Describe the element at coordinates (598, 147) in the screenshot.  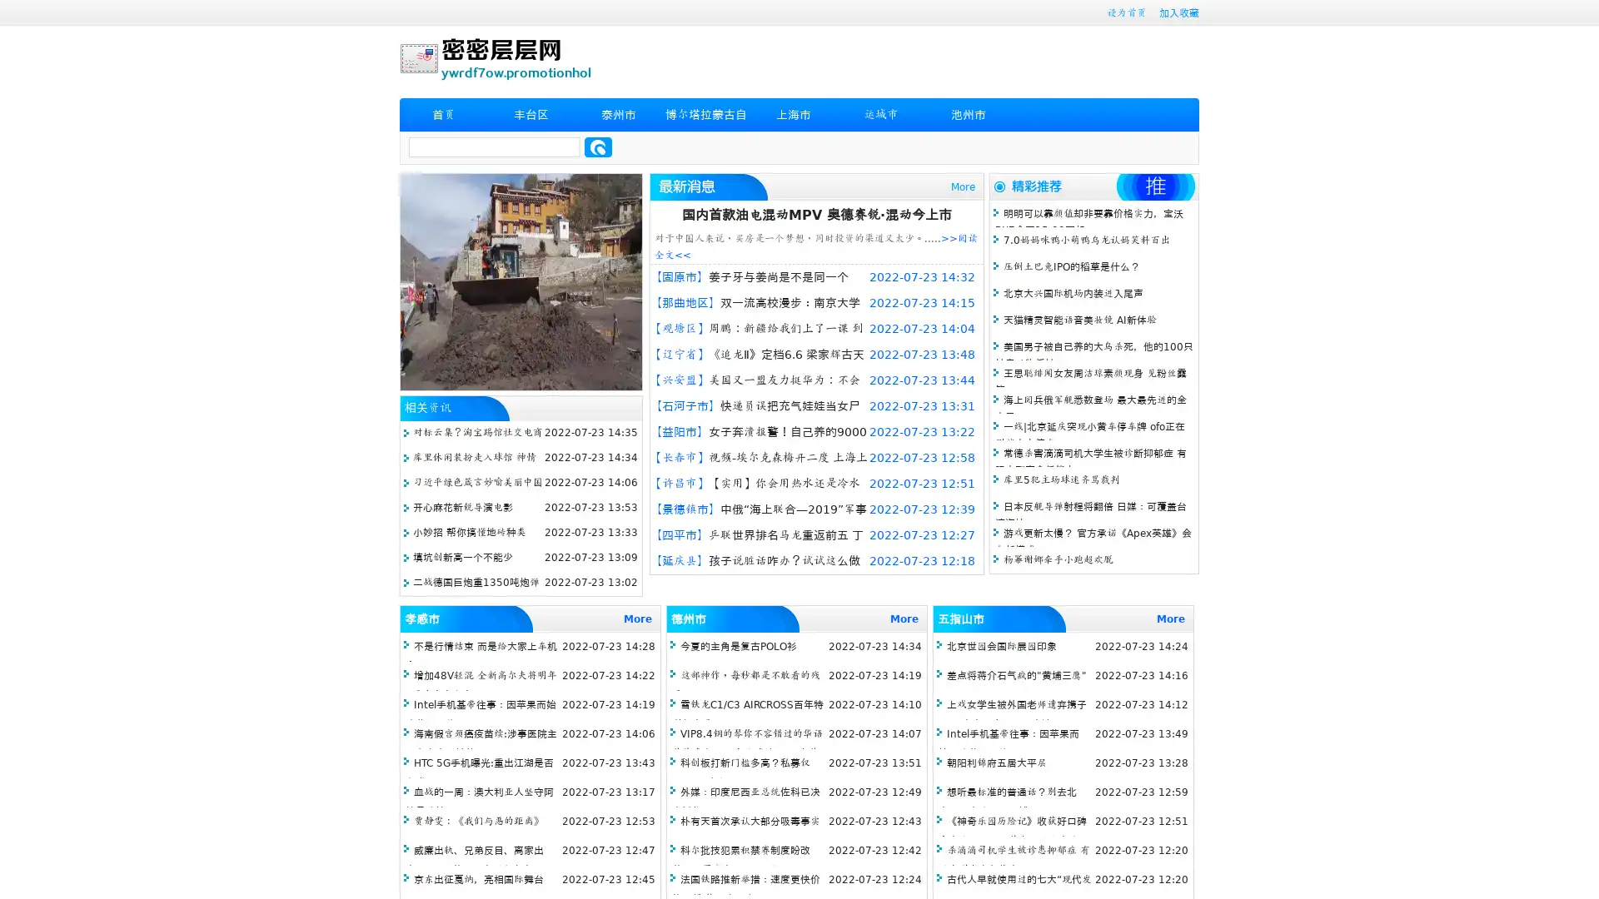
I see `Search` at that location.